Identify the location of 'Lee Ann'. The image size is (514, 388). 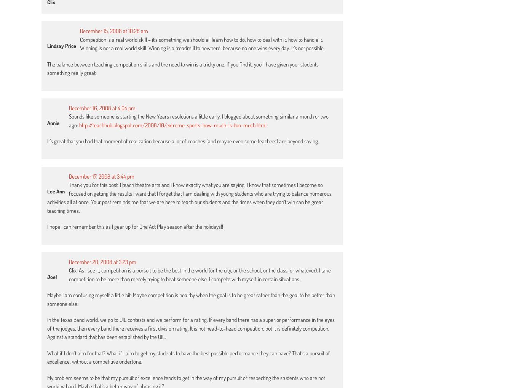
(56, 190).